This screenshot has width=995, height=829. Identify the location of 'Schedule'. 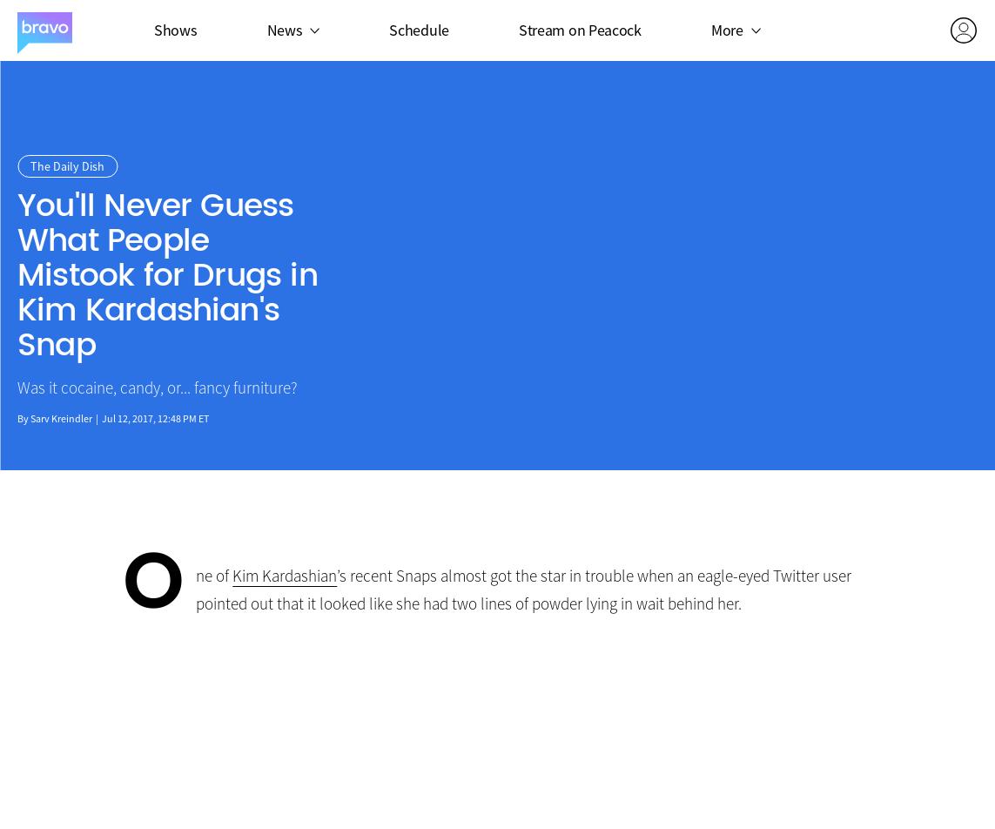
(418, 29).